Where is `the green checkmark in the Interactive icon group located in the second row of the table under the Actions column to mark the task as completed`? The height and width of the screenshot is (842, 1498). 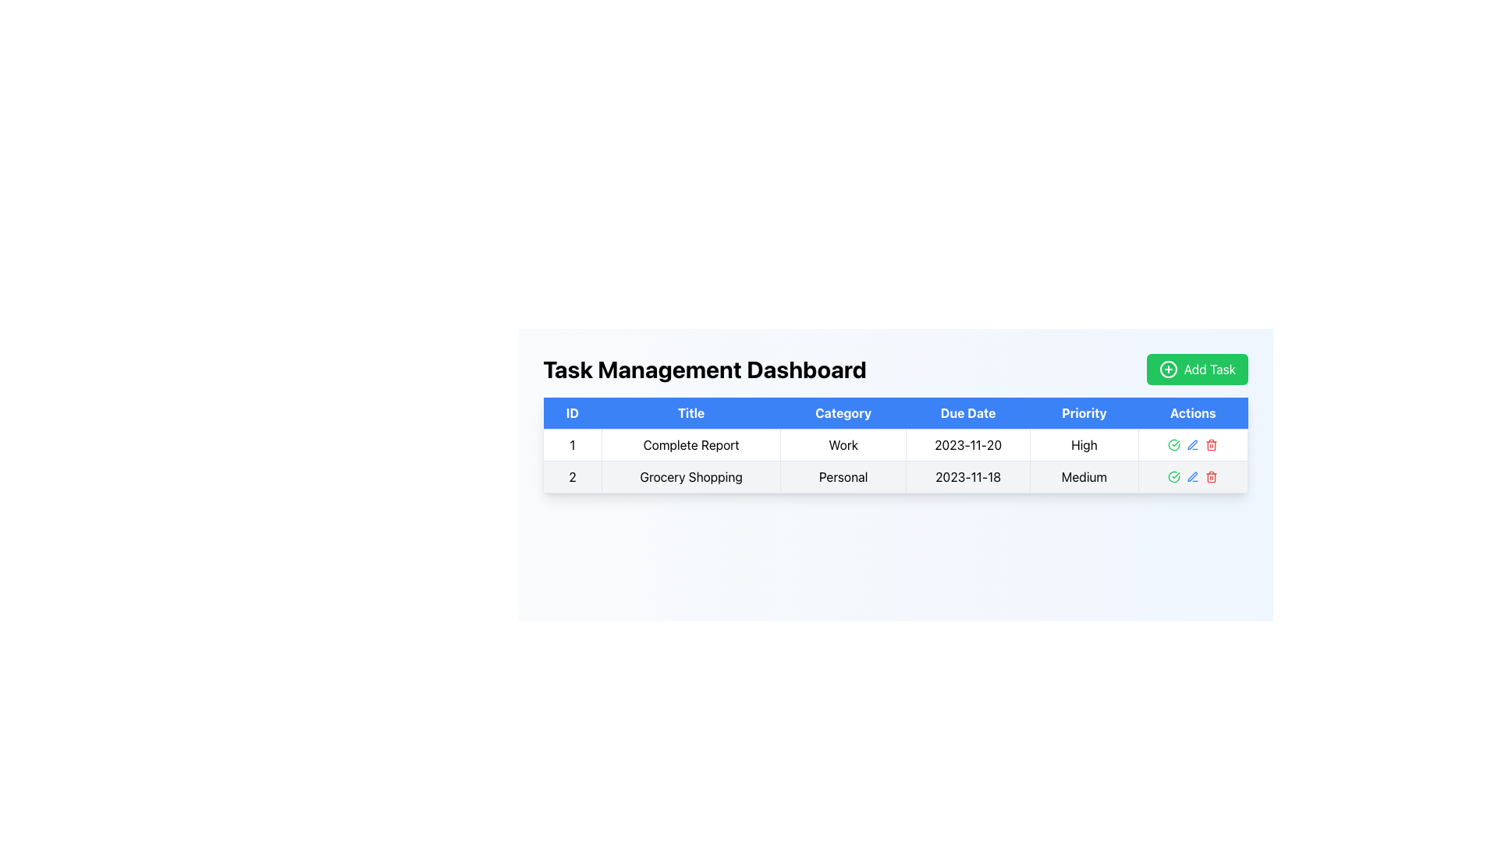
the green checkmark in the Interactive icon group located in the second row of the table under the Actions column to mark the task as completed is located at coordinates (1192, 476).